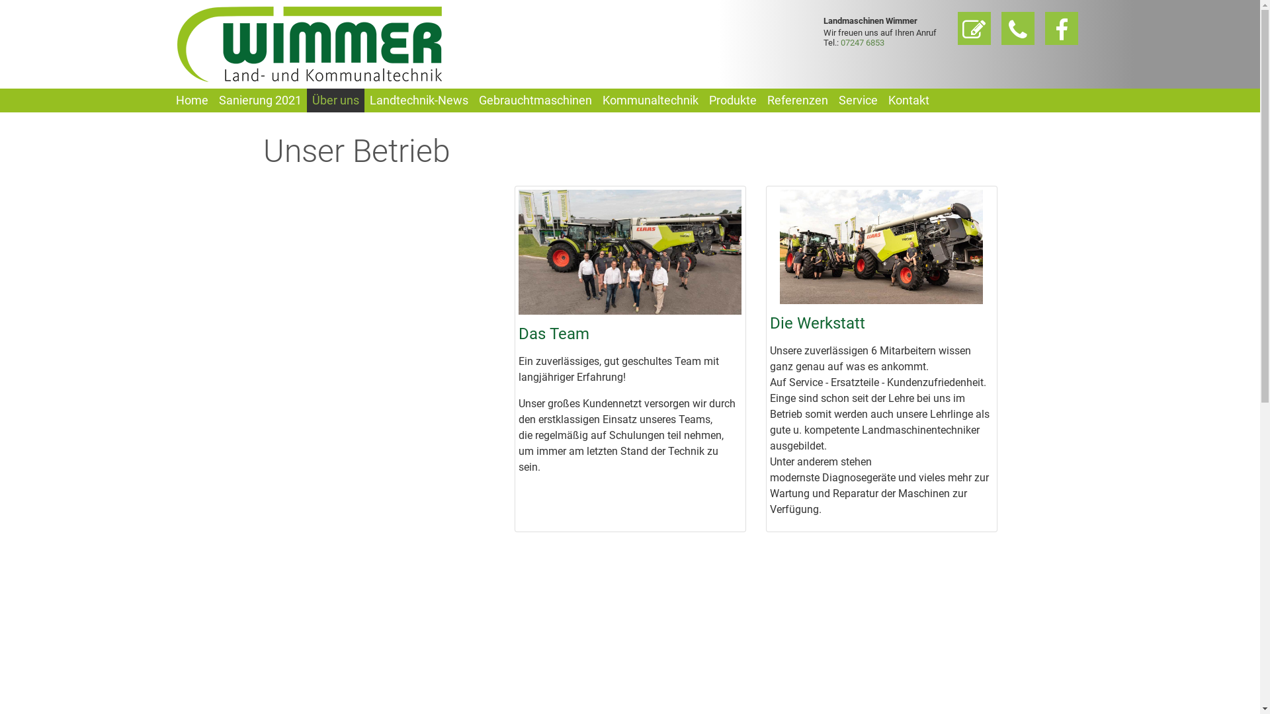 This screenshot has width=1270, height=714. I want to click on 'Gebrauchtmaschinen', so click(535, 99).